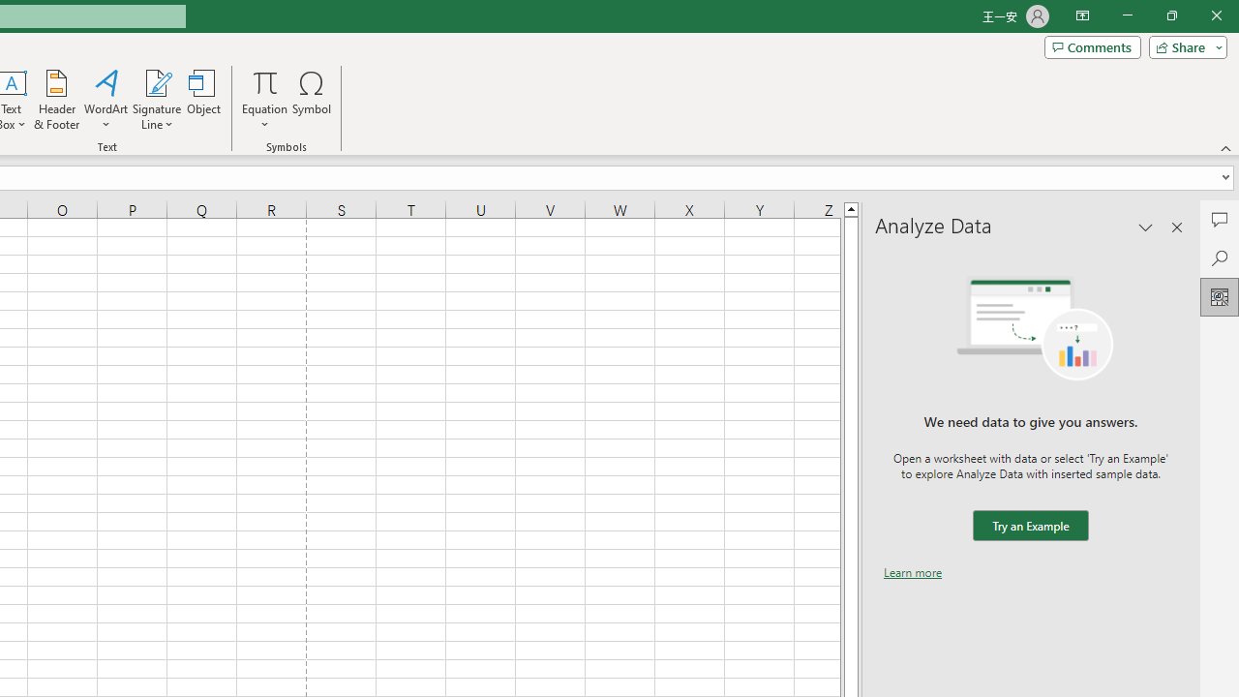 Image resolution: width=1239 pixels, height=697 pixels. What do you see at coordinates (156, 81) in the screenshot?
I see `'Signature Line'` at bounding box center [156, 81].